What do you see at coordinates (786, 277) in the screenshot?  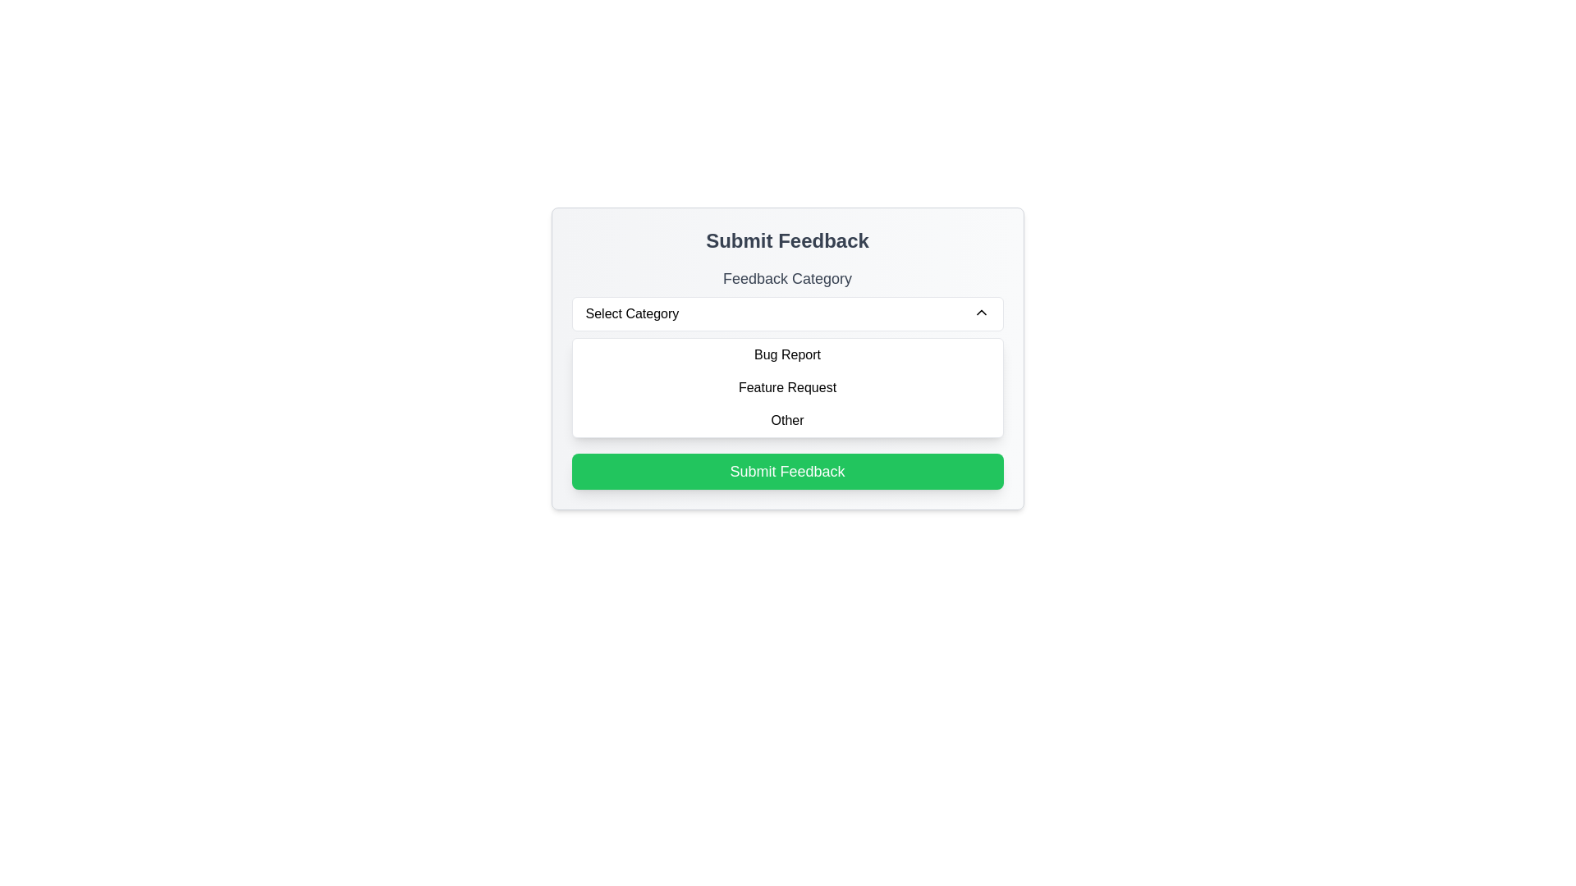 I see `the Text Label that provides context for the feedback category selection dropdown, positioned below the 'Submit Feedback' heading` at bounding box center [786, 277].